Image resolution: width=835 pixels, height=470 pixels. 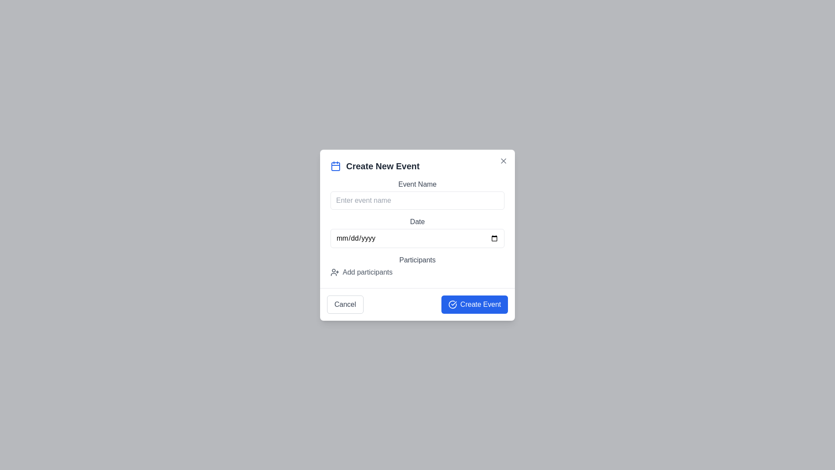 What do you see at coordinates (503, 161) in the screenshot?
I see `the 'X' shaped close icon located in the top-right corner of the 'Create New Event' modal` at bounding box center [503, 161].